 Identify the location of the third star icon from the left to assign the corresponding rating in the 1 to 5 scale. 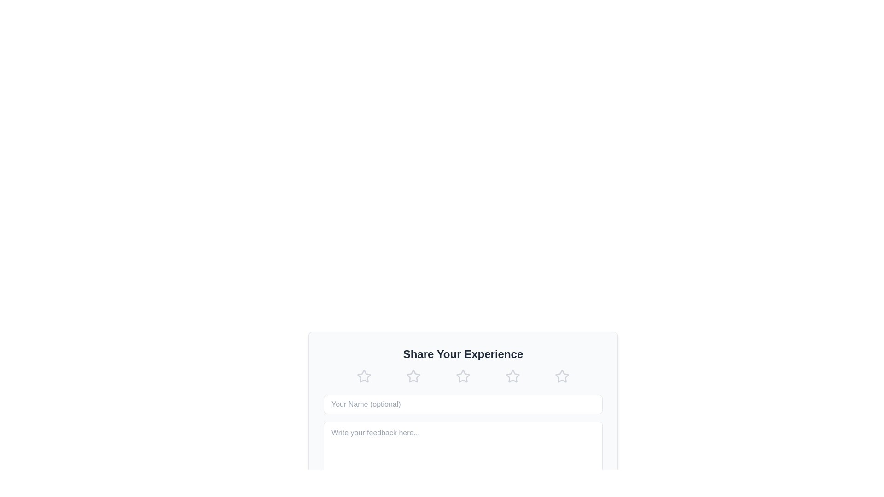
(463, 376).